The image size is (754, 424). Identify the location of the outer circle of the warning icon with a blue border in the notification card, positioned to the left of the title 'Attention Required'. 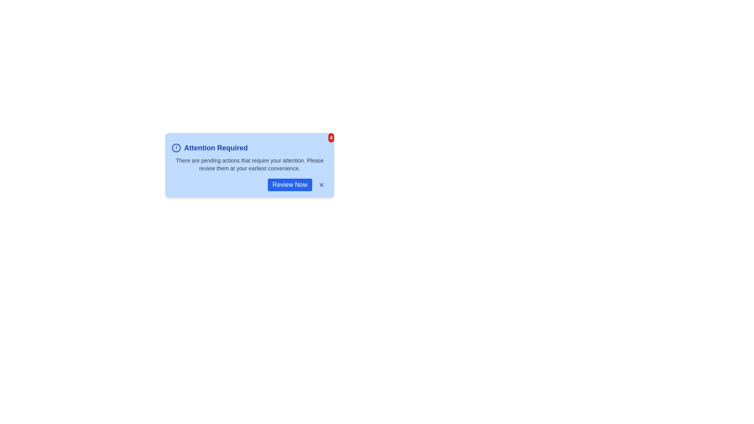
(176, 148).